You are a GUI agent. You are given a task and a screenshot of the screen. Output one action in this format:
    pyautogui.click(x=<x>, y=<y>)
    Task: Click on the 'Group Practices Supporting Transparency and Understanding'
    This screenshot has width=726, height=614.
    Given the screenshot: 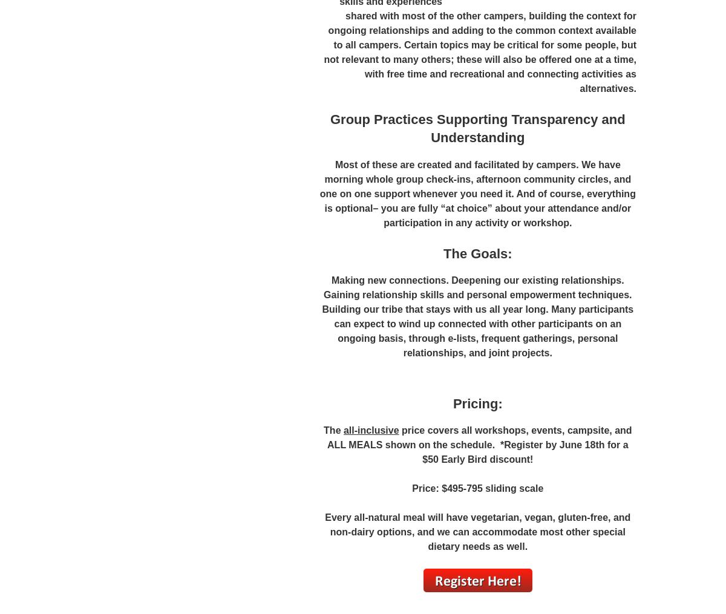 What is the action you would take?
    pyautogui.click(x=477, y=128)
    